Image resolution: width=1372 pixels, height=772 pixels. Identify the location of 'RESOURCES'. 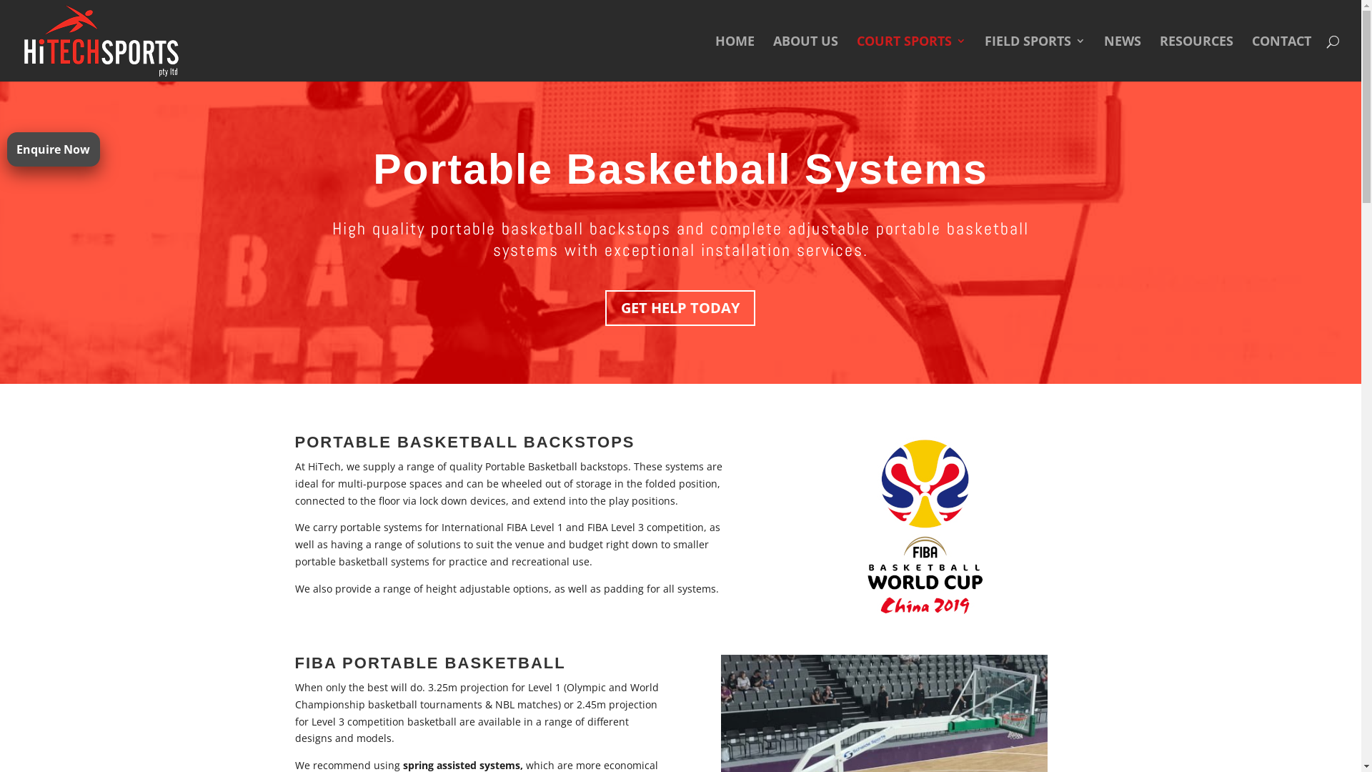
(1196, 57).